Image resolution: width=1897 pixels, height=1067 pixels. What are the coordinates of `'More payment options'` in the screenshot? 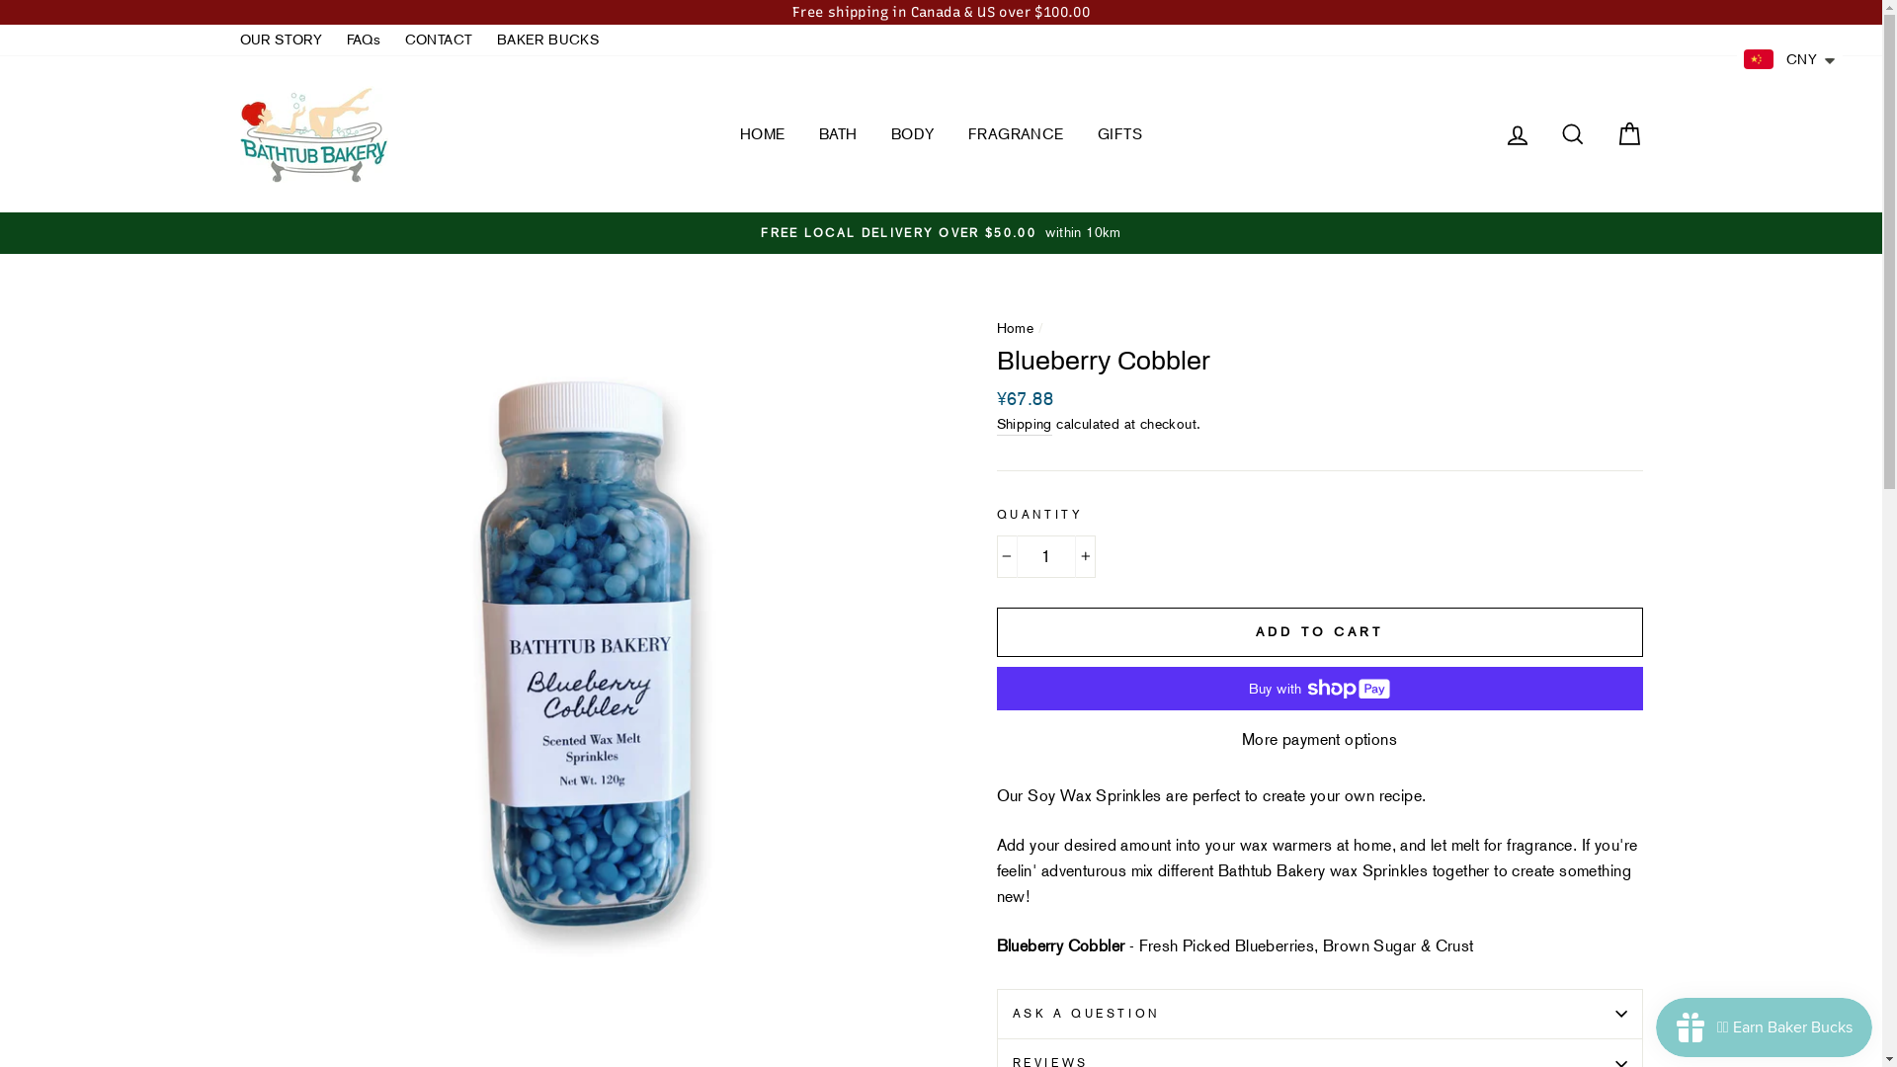 It's located at (996, 739).